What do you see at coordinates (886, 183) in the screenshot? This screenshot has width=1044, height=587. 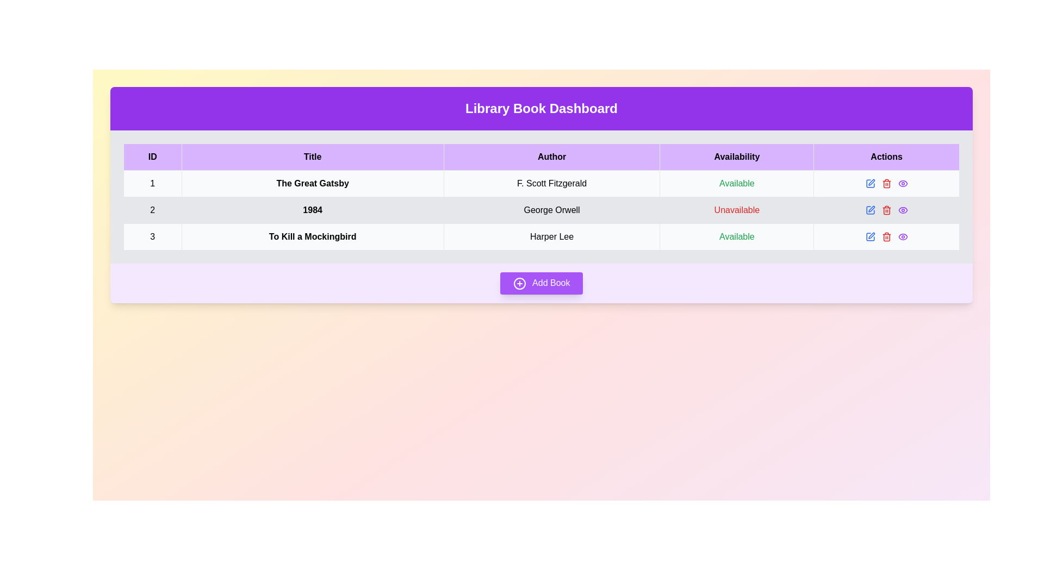 I see `the delete icon button in the third column of the 'Actions' section for the book '1984'` at bounding box center [886, 183].